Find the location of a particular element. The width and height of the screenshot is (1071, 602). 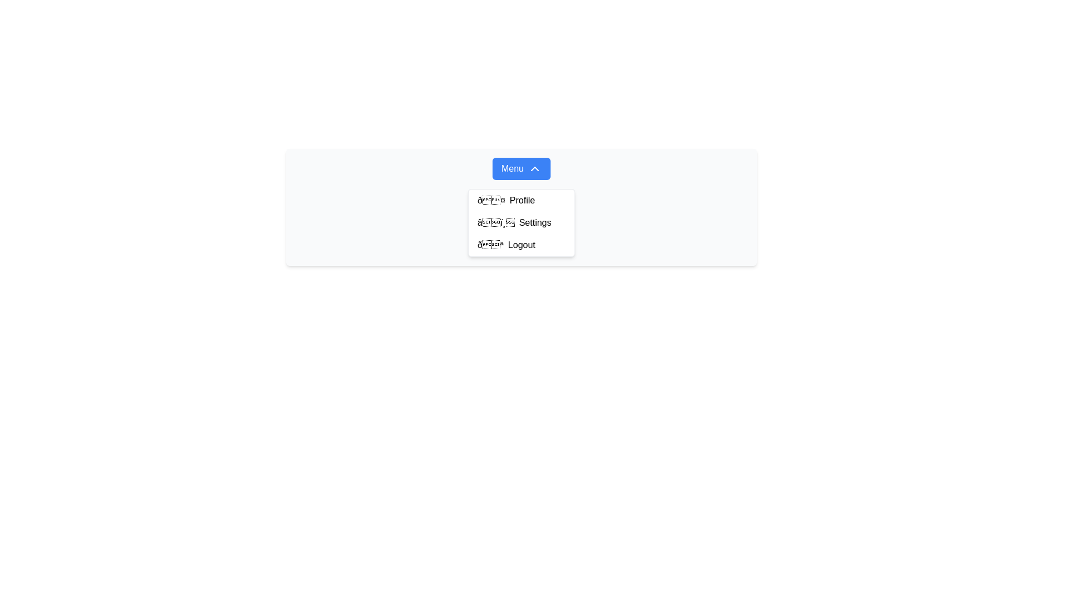

the 'Settings' menu item, which is the second option in a vertical menu list, located below 'Profile' and above 'Logout' is located at coordinates (521, 223).